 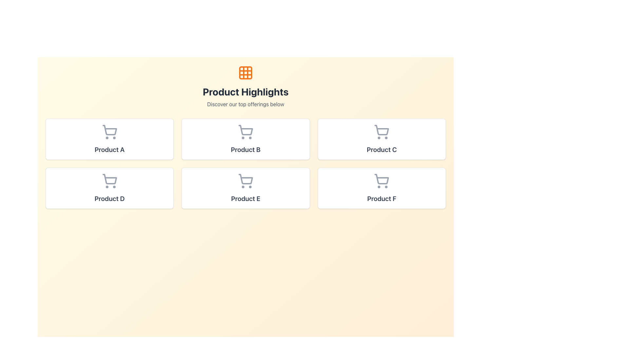 What do you see at coordinates (109, 139) in the screenshot?
I see `the first card in the grid layout, which has a white background, a shopping cart icon at the top, and the text 'Product A' in bold below it` at bounding box center [109, 139].